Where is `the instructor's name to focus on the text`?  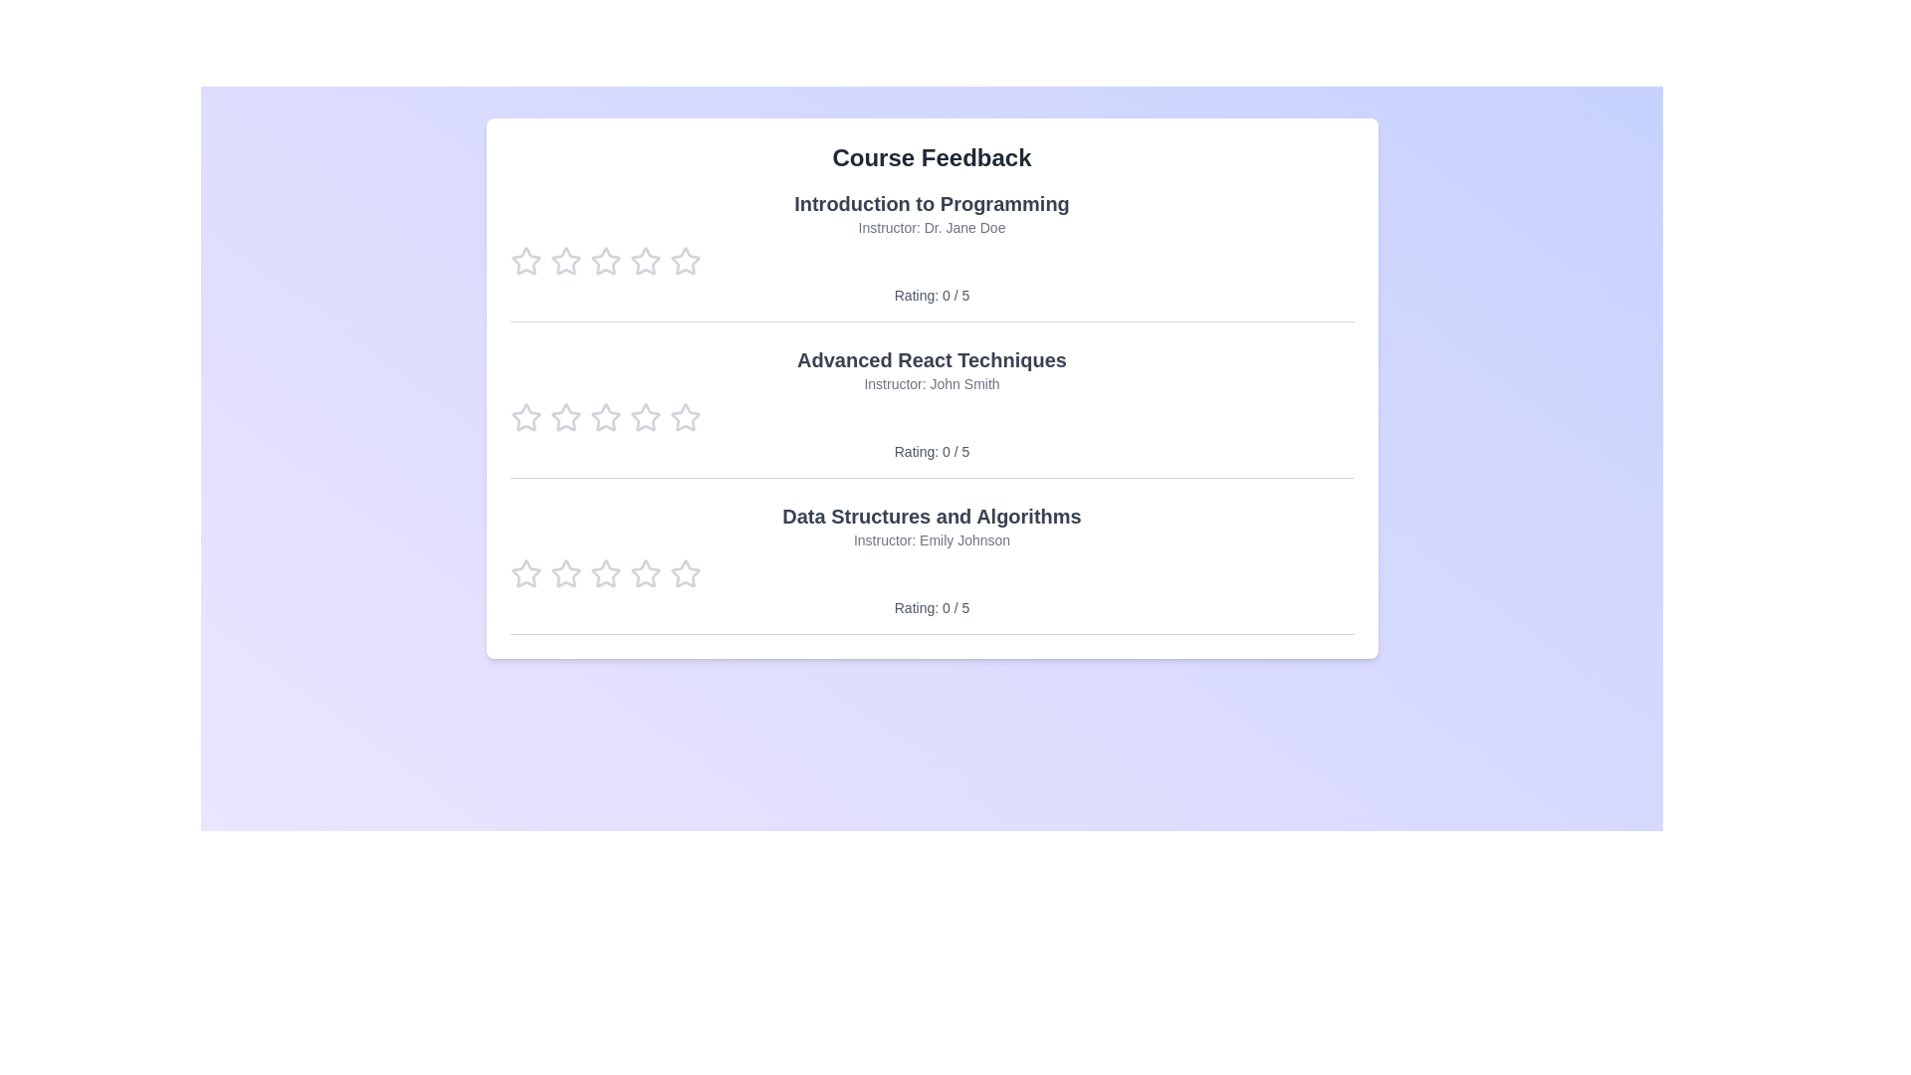 the instructor's name to focus on the text is located at coordinates (931, 226).